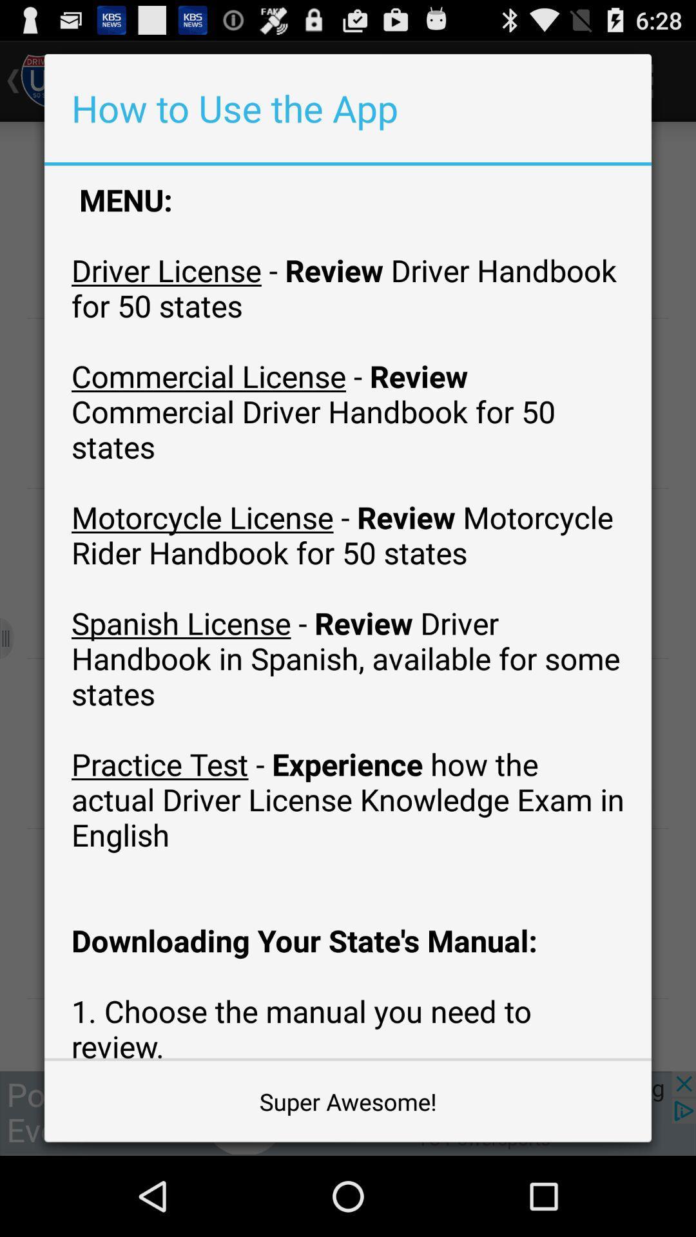 This screenshot has height=1237, width=696. Describe the element at coordinates (348, 1100) in the screenshot. I see `icon below menu driver license item` at that location.